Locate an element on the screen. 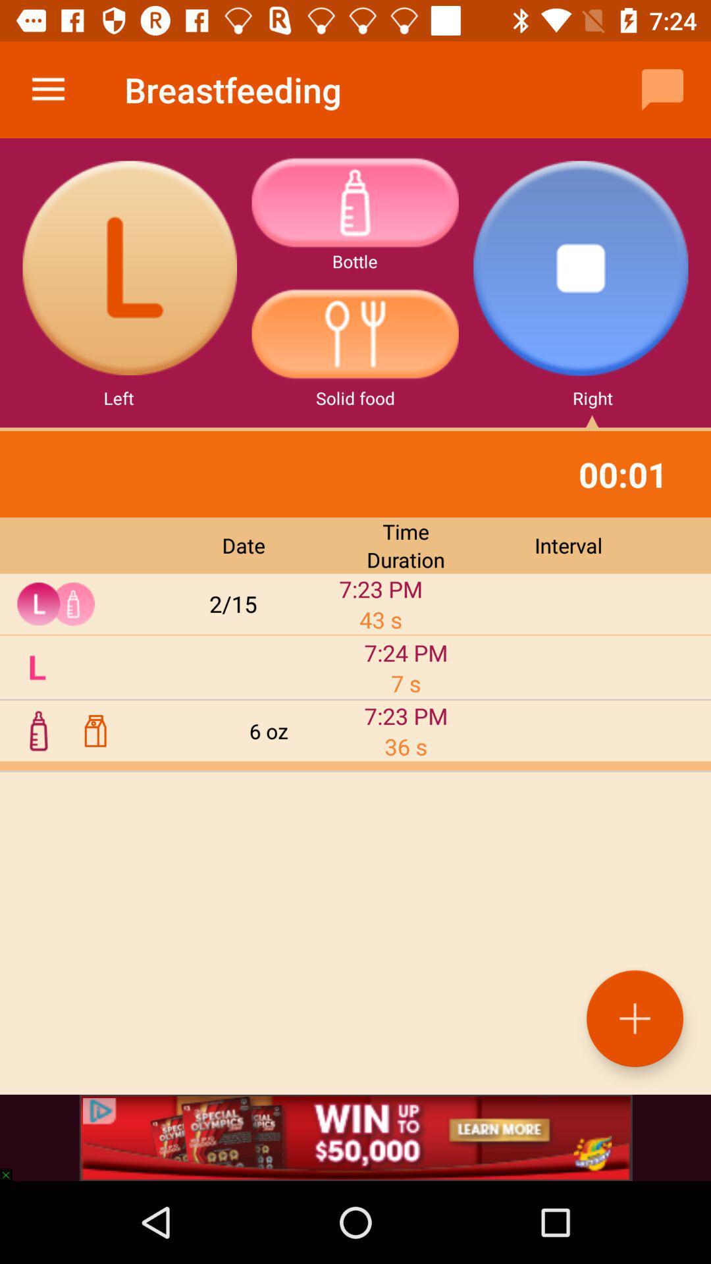 This screenshot has height=1264, width=711. the add icon is located at coordinates (634, 1018).